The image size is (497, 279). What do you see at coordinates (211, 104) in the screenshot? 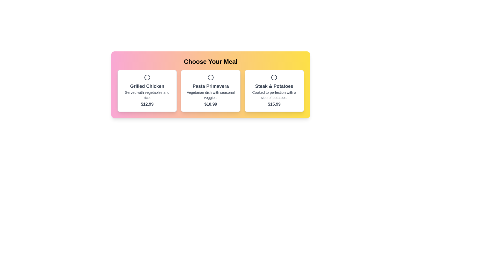
I see `the text label displaying the price '$10.99' for the 'Pasta Primavera' dish, which is styled in bold and positioned centrally beneath its description` at bounding box center [211, 104].